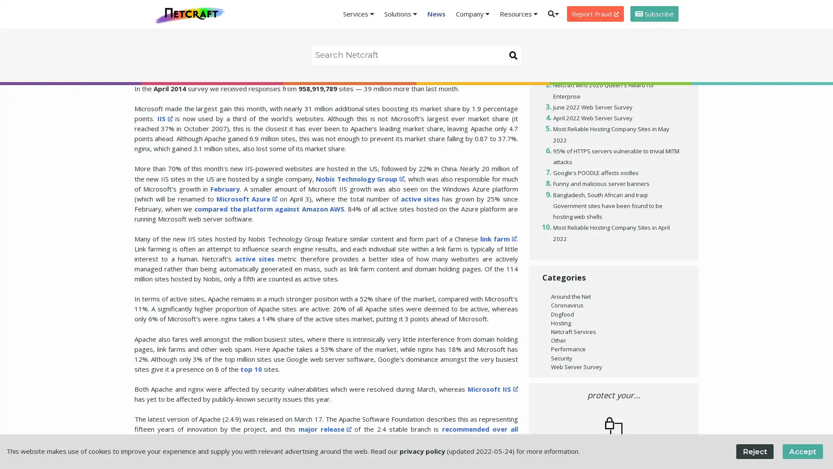 The image size is (833, 469). Describe the element at coordinates (754, 451) in the screenshot. I see `Reject` at that location.